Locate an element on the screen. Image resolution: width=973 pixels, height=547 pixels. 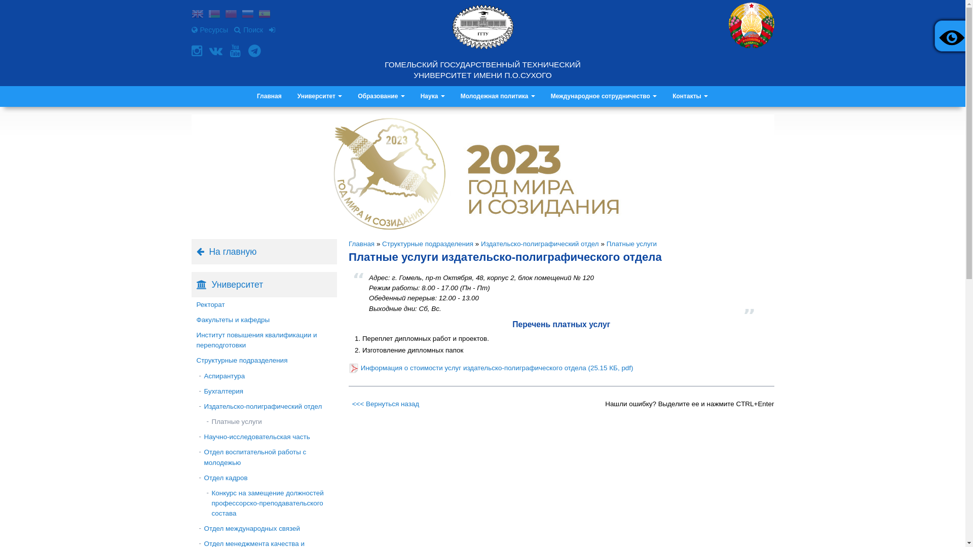
'English, static version of the site' is located at coordinates (197, 15).